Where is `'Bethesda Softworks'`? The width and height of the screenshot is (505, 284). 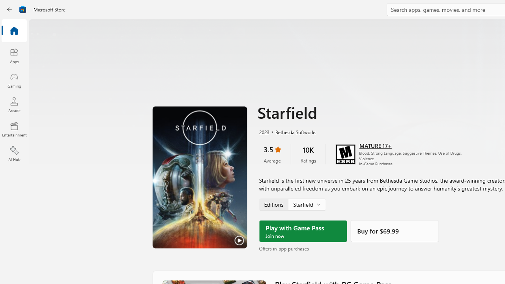
'Bethesda Softworks' is located at coordinates (292, 131).